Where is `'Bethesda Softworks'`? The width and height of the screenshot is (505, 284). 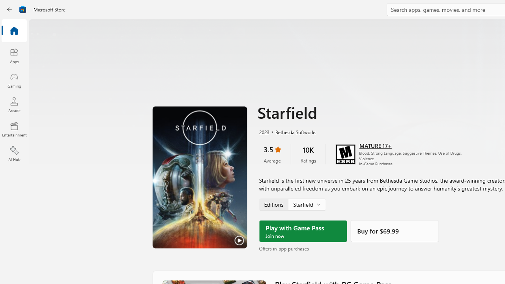
'Bethesda Softworks' is located at coordinates (292, 131).